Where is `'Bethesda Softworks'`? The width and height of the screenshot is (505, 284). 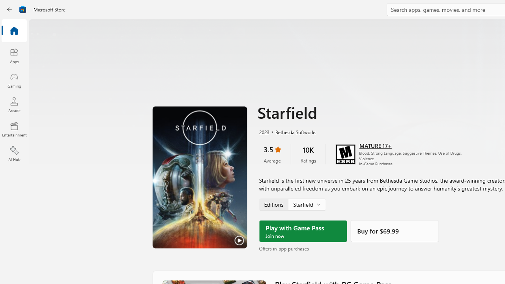
'Bethesda Softworks' is located at coordinates (292, 131).